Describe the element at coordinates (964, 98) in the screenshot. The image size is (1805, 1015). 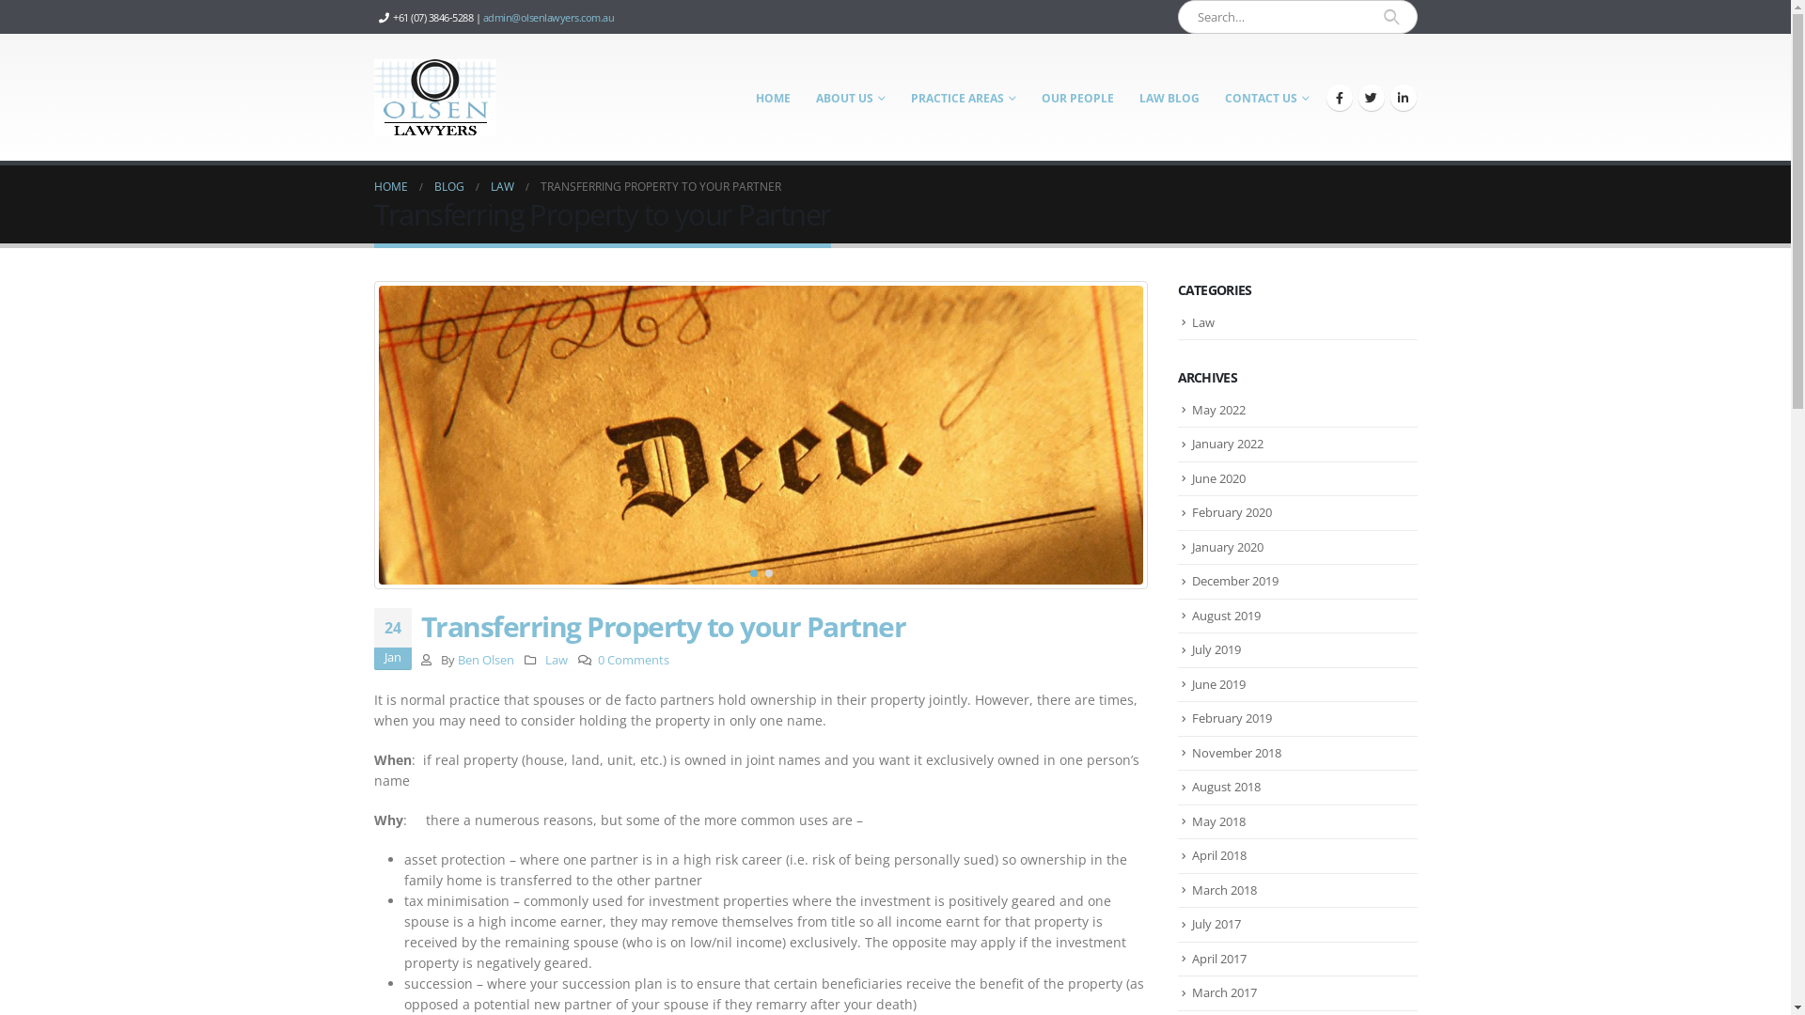
I see `'PRACTICE AREAS'` at that location.